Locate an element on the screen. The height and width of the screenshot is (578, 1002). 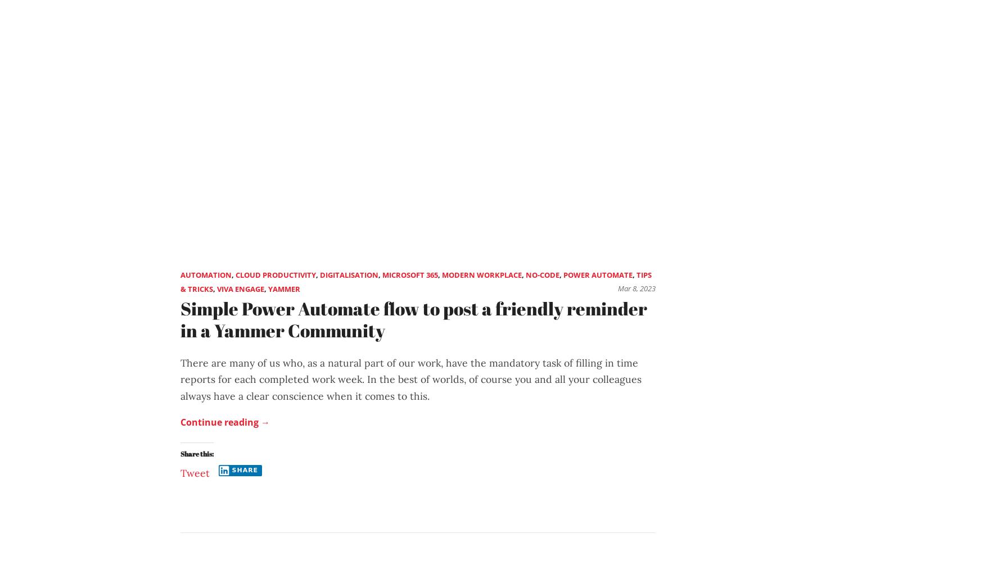
'Yammer' is located at coordinates (283, 289).